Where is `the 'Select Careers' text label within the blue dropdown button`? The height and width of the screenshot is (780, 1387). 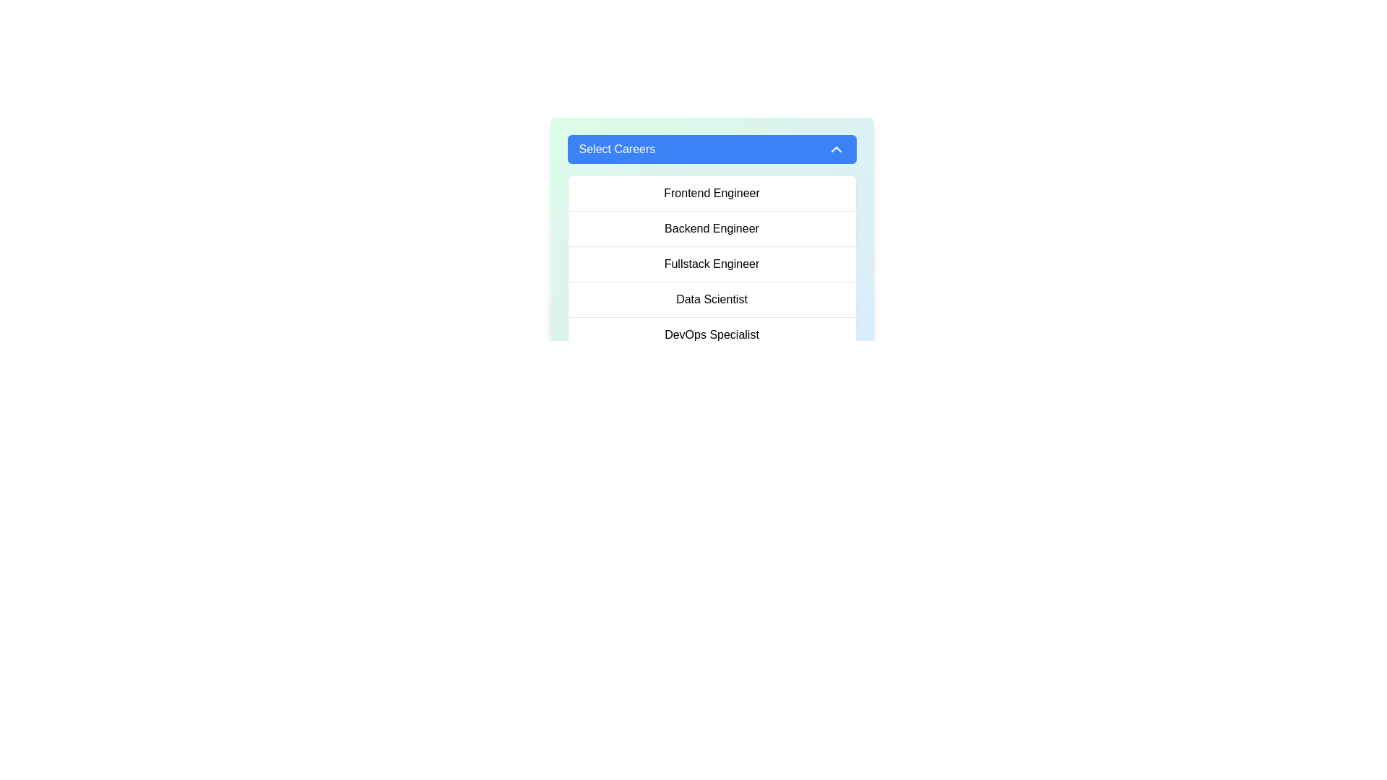
the 'Select Careers' text label within the blue dropdown button is located at coordinates (617, 149).